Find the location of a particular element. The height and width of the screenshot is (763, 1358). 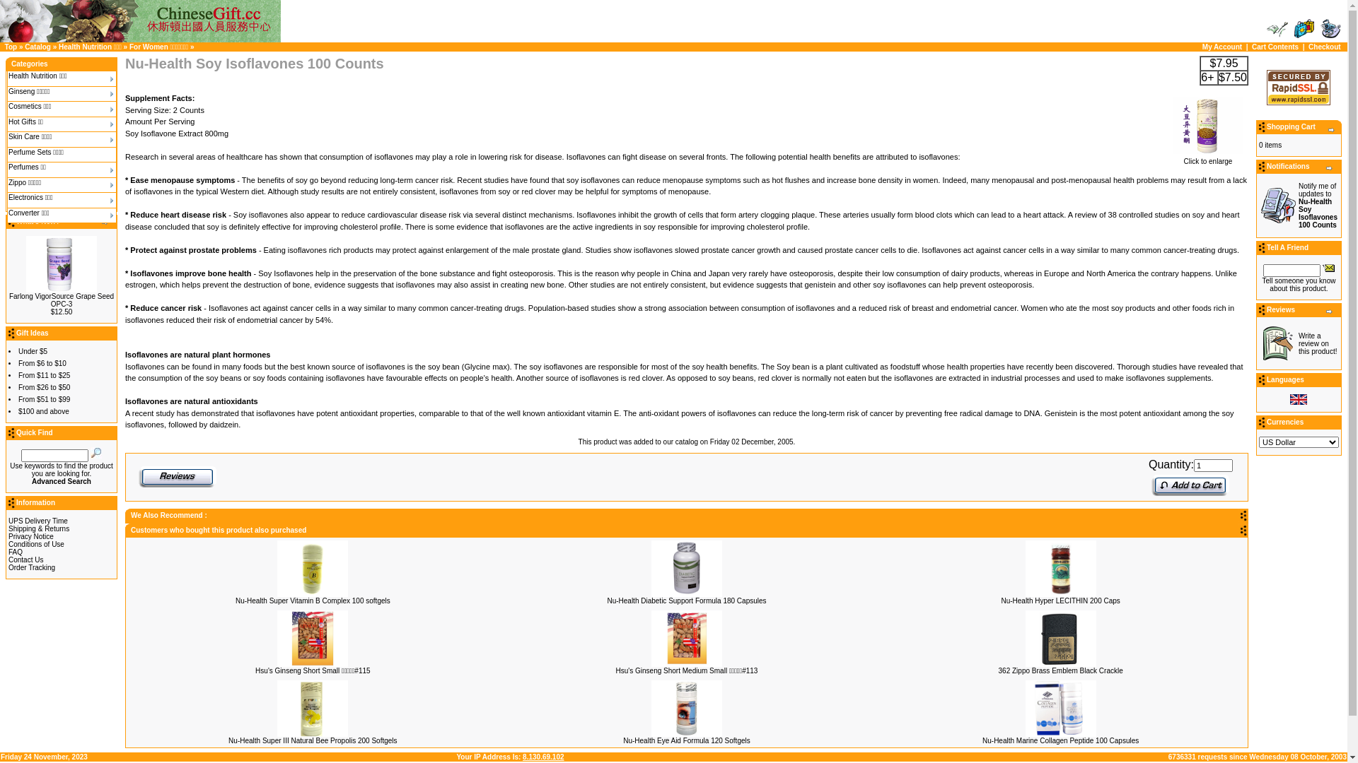

'Nu-Health Marine Collagen Peptide 100 Capsules' is located at coordinates (981, 739).